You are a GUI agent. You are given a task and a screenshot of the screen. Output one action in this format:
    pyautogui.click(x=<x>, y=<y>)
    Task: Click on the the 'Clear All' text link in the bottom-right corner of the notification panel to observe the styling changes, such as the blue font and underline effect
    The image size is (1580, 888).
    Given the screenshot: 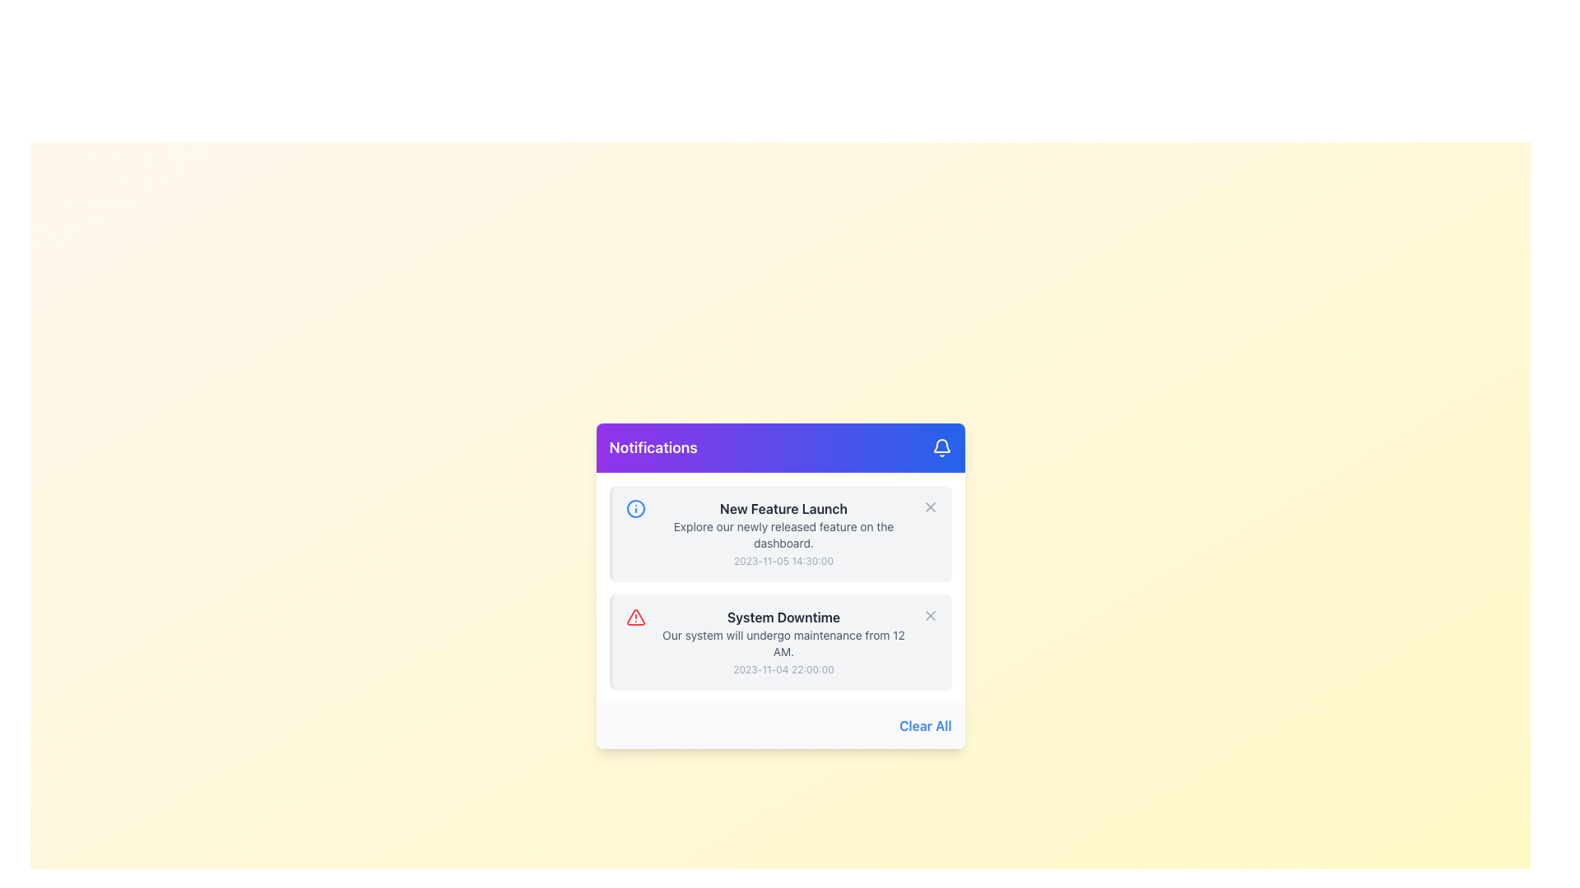 What is the action you would take?
    pyautogui.click(x=925, y=725)
    